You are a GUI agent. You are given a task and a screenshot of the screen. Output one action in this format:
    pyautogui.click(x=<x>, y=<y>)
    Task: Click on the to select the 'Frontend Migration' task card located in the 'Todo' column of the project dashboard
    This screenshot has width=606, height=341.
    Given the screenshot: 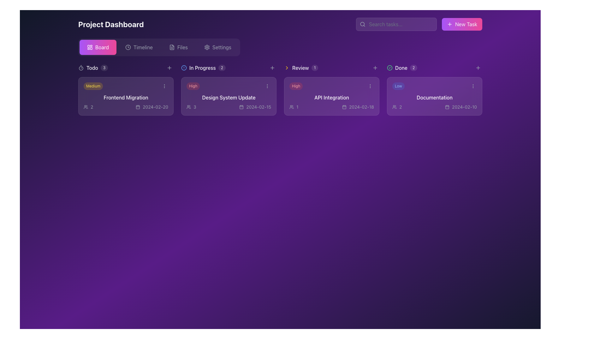 What is the action you would take?
    pyautogui.click(x=126, y=90)
    